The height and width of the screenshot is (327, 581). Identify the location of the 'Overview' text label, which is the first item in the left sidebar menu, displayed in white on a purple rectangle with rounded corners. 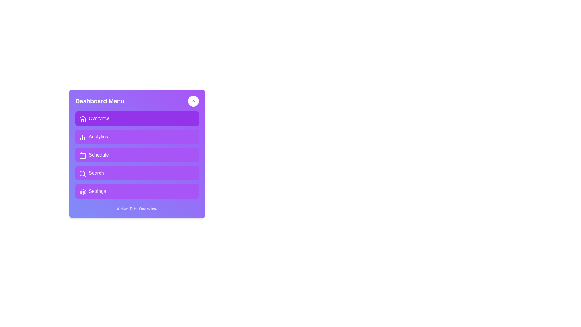
(99, 119).